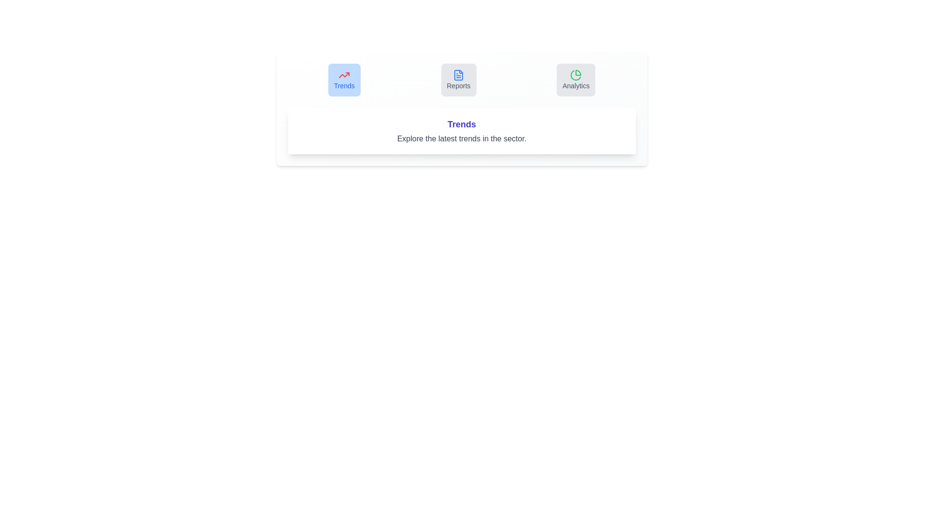 The image size is (927, 521). Describe the element at coordinates (458, 79) in the screenshot. I see `the tab labeled Reports to activate it` at that location.